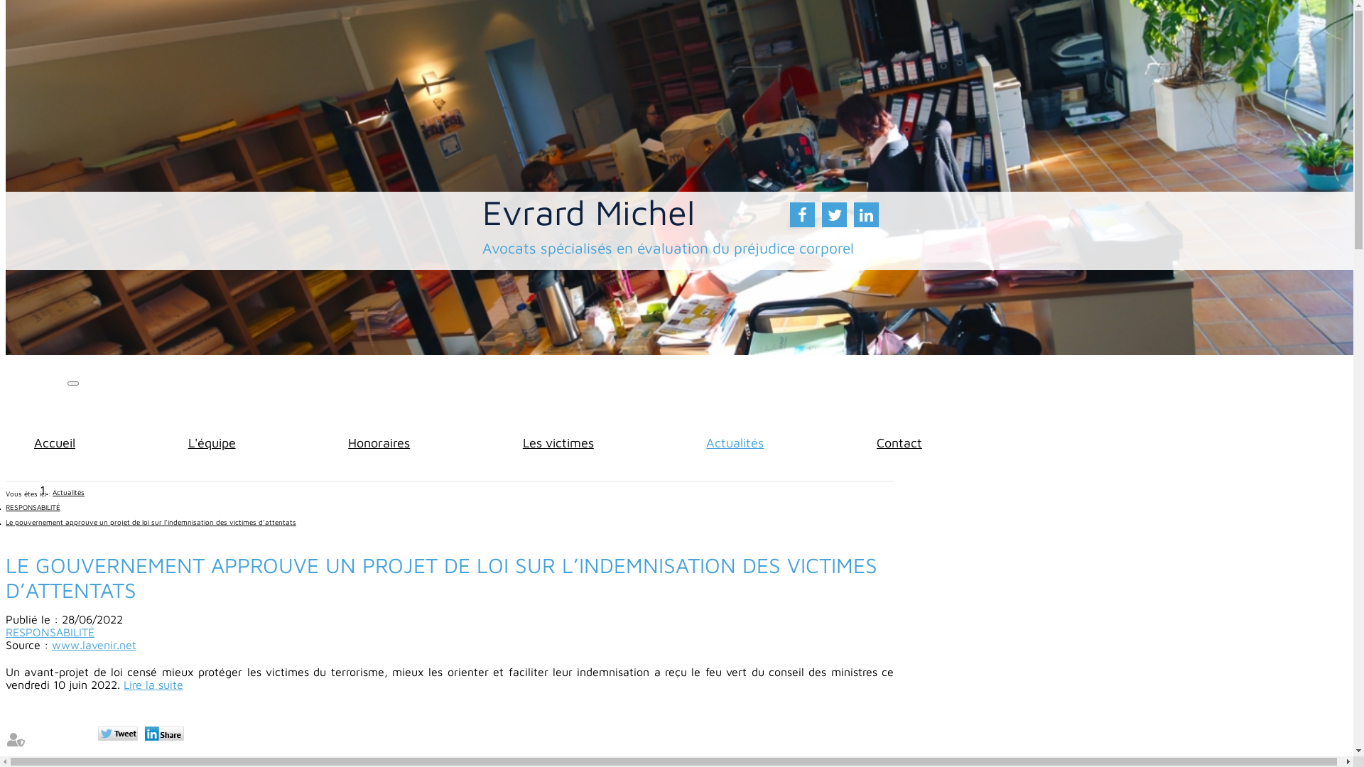 This screenshot has width=1364, height=767. I want to click on 'Honoraires', so click(379, 442).